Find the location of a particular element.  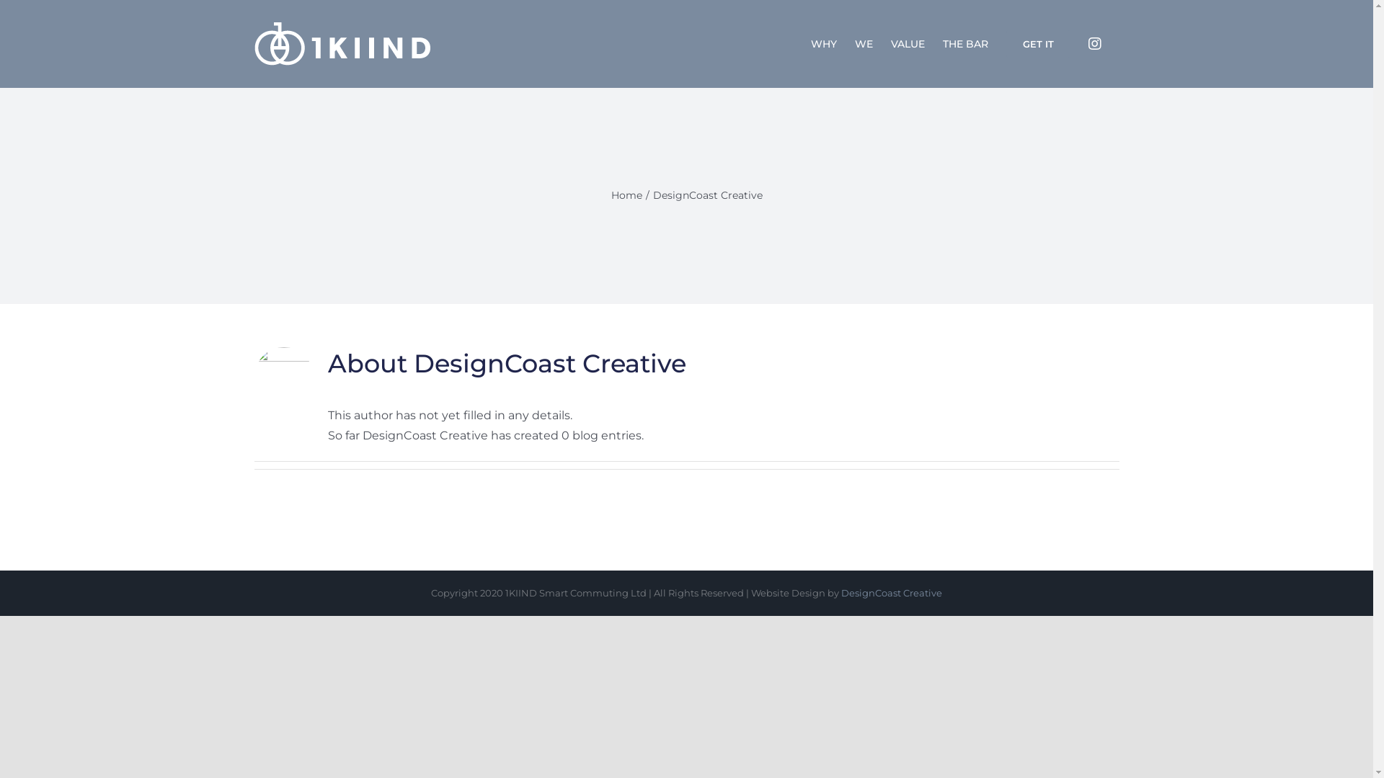

'WHY' is located at coordinates (823, 43).